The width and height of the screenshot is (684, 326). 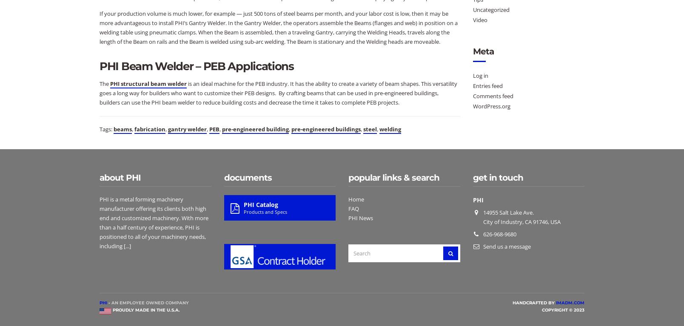 What do you see at coordinates (491, 9) in the screenshot?
I see `'Uncategorized'` at bounding box center [491, 9].